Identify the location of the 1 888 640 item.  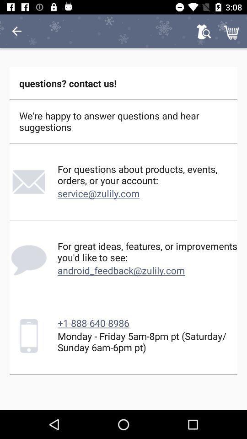
(93, 323).